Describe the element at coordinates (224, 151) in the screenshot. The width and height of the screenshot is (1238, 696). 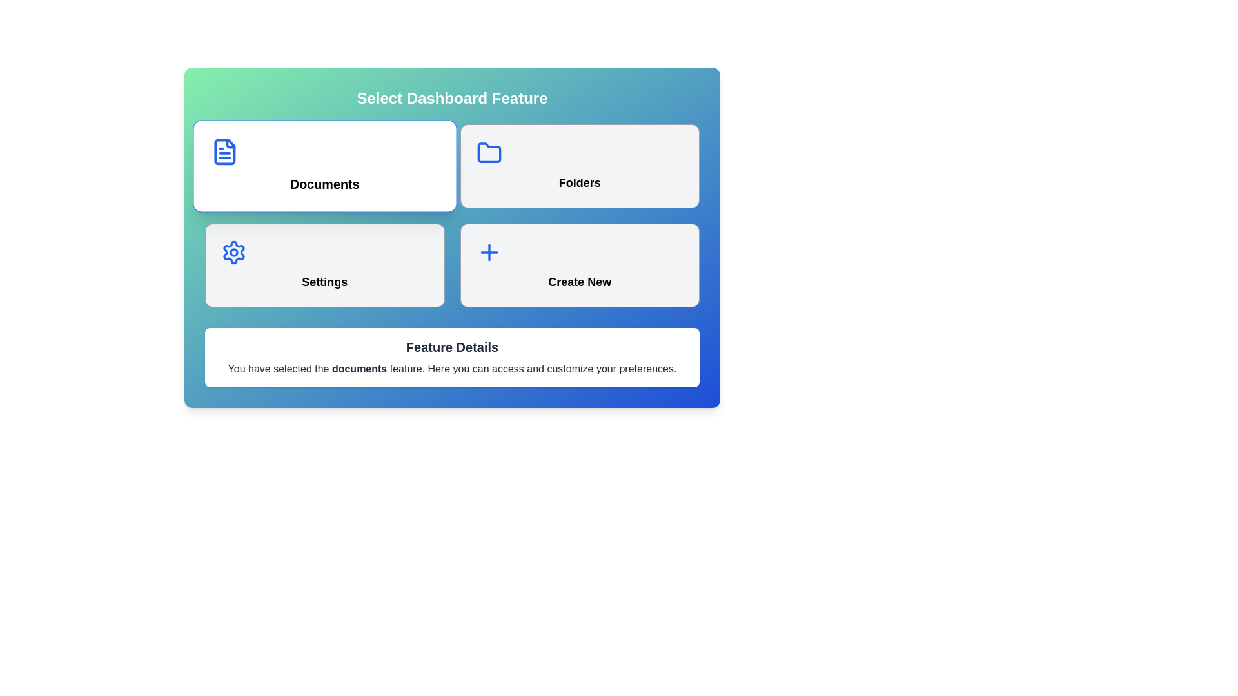
I see `the blue document icon located in the top-left quadrant of the grid layout, which serves as the 'Documents' option` at that location.